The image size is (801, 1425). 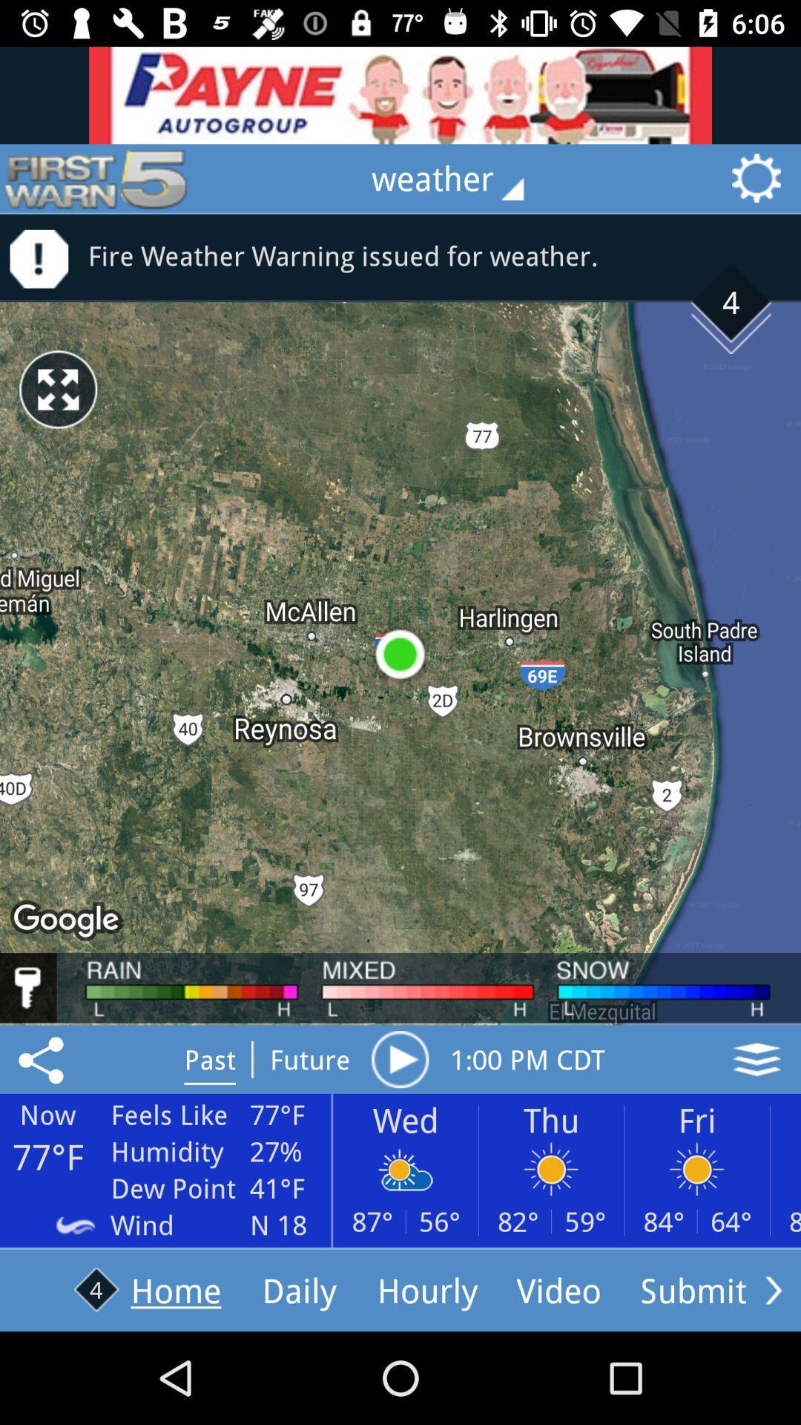 What do you see at coordinates (756, 1058) in the screenshot?
I see `change topography` at bounding box center [756, 1058].